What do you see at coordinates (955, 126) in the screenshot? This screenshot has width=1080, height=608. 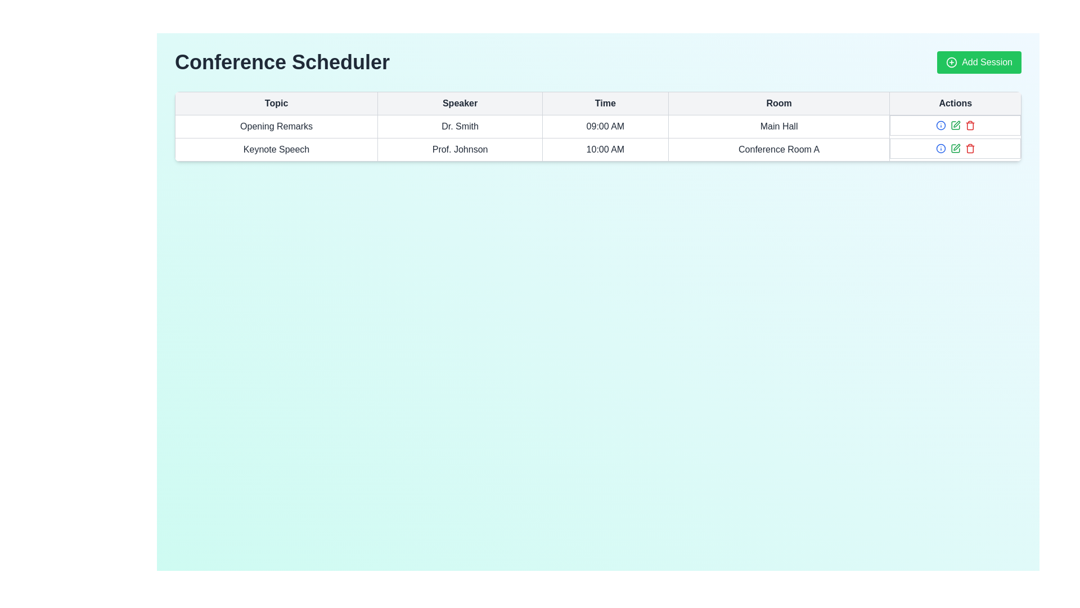 I see `the action panel for the 'Opening Remarks' session` at bounding box center [955, 126].